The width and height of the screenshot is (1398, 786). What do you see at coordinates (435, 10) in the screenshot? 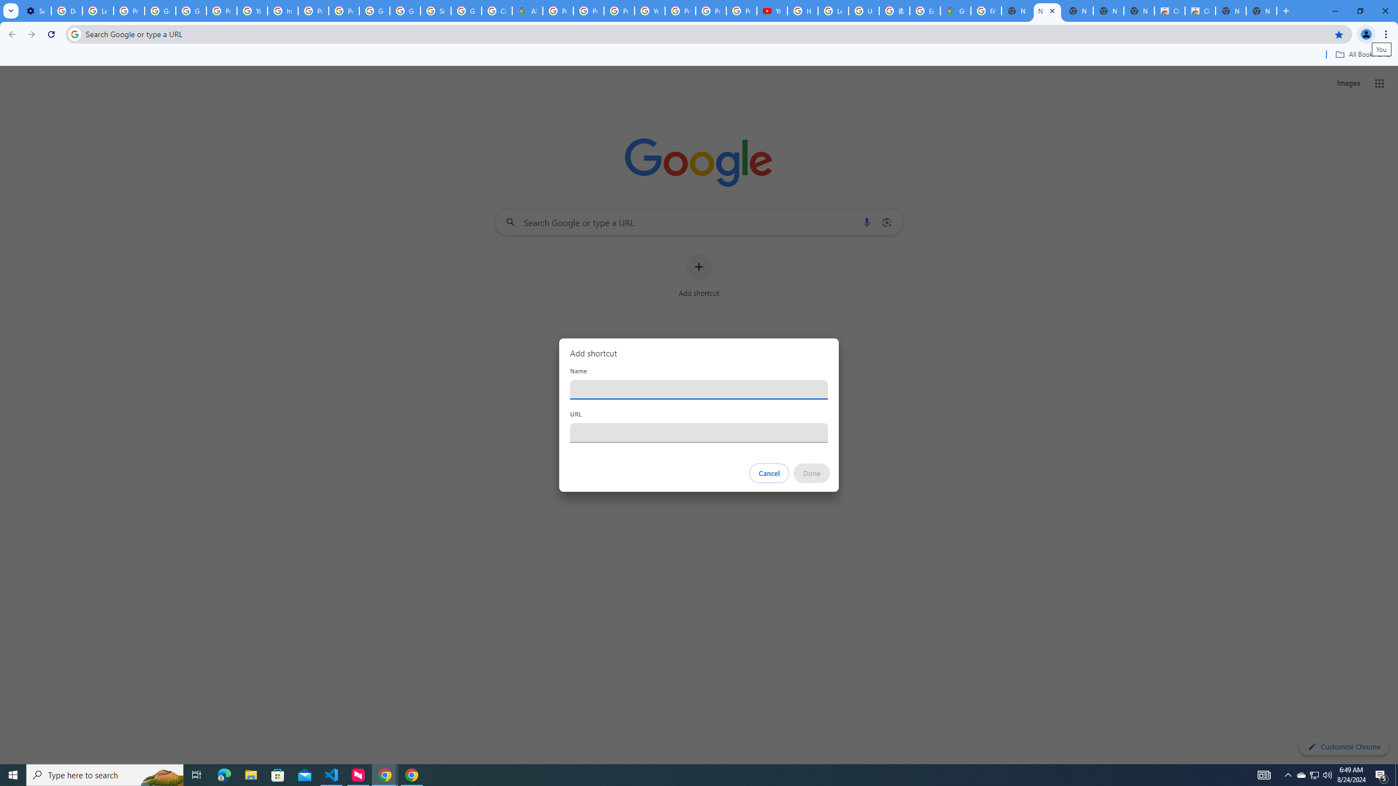
I see `'Sign in - Google Accounts'` at bounding box center [435, 10].